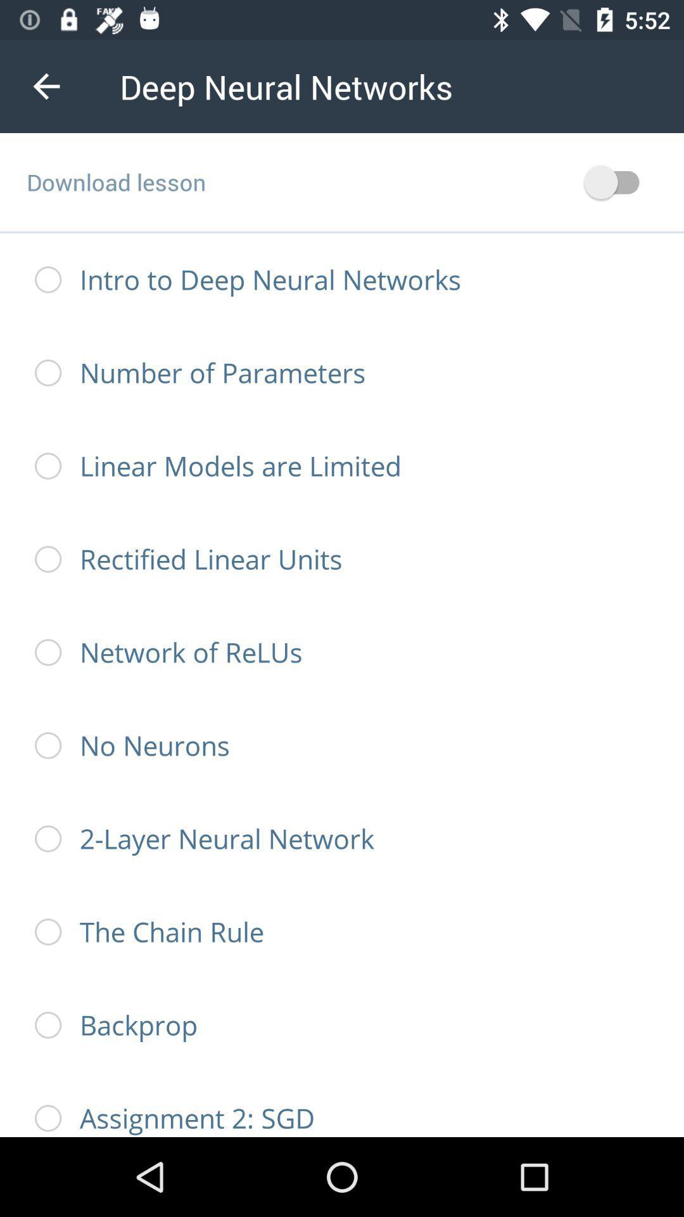 This screenshot has width=684, height=1217. What do you see at coordinates (46, 86) in the screenshot?
I see `item to the left of the deep neural networks icon` at bounding box center [46, 86].